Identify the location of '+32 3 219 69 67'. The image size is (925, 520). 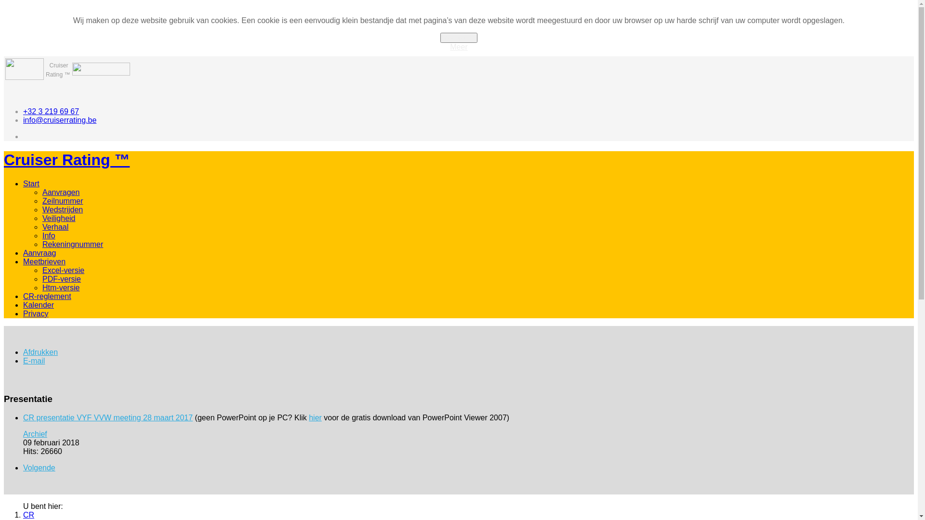
(50, 111).